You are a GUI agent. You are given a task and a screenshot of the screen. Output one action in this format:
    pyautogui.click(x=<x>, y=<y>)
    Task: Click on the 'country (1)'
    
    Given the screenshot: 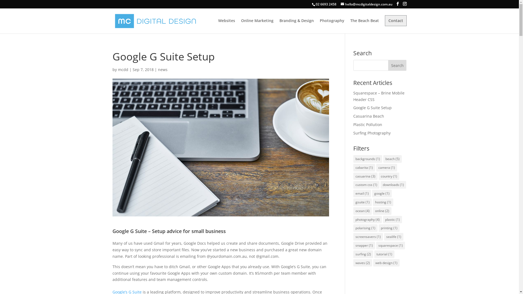 What is the action you would take?
    pyautogui.click(x=389, y=176)
    